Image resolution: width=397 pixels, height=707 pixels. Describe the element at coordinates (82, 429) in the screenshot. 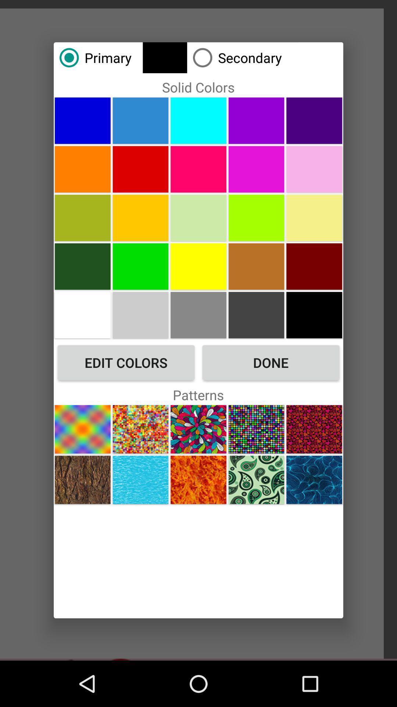

I see `a pattern` at that location.